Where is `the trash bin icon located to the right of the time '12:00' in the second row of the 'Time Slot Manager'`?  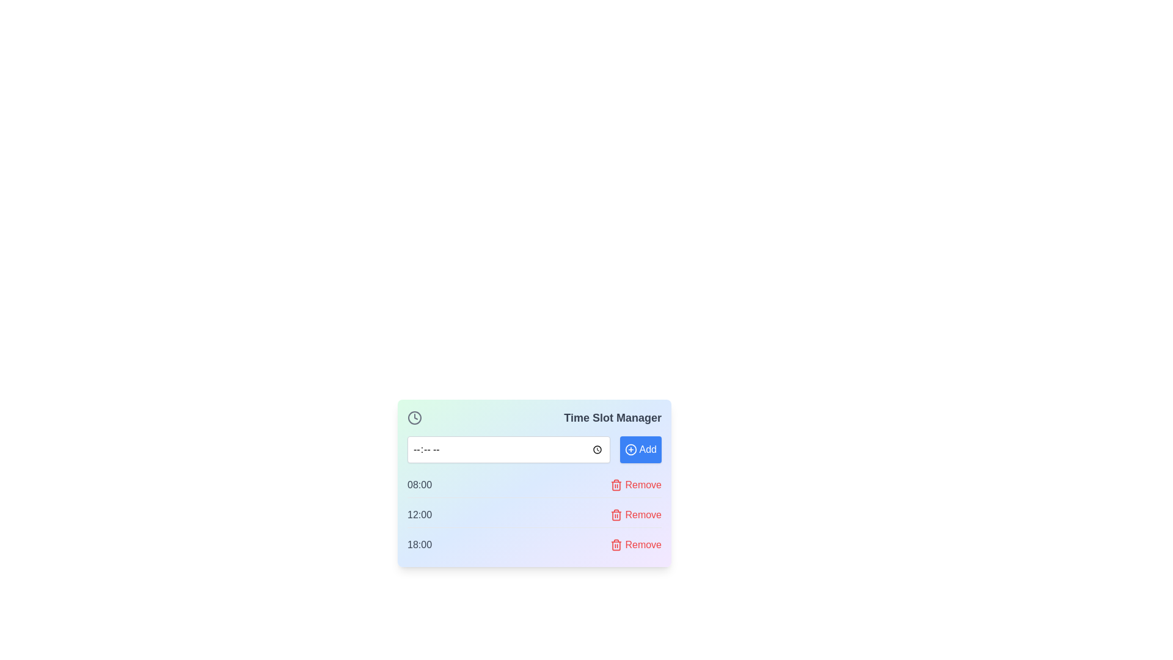
the trash bin icon located to the right of the time '12:00' in the second row of the 'Time Slot Manager' is located at coordinates (616, 515).